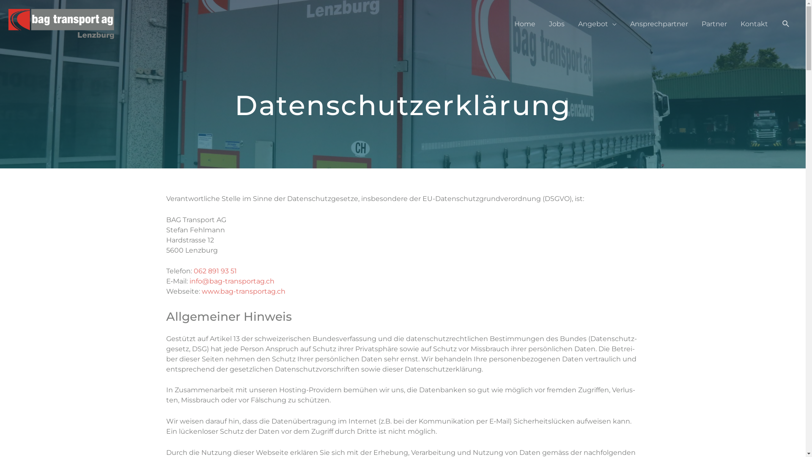  What do you see at coordinates (215, 271) in the screenshot?
I see `'062 891 93 51'` at bounding box center [215, 271].